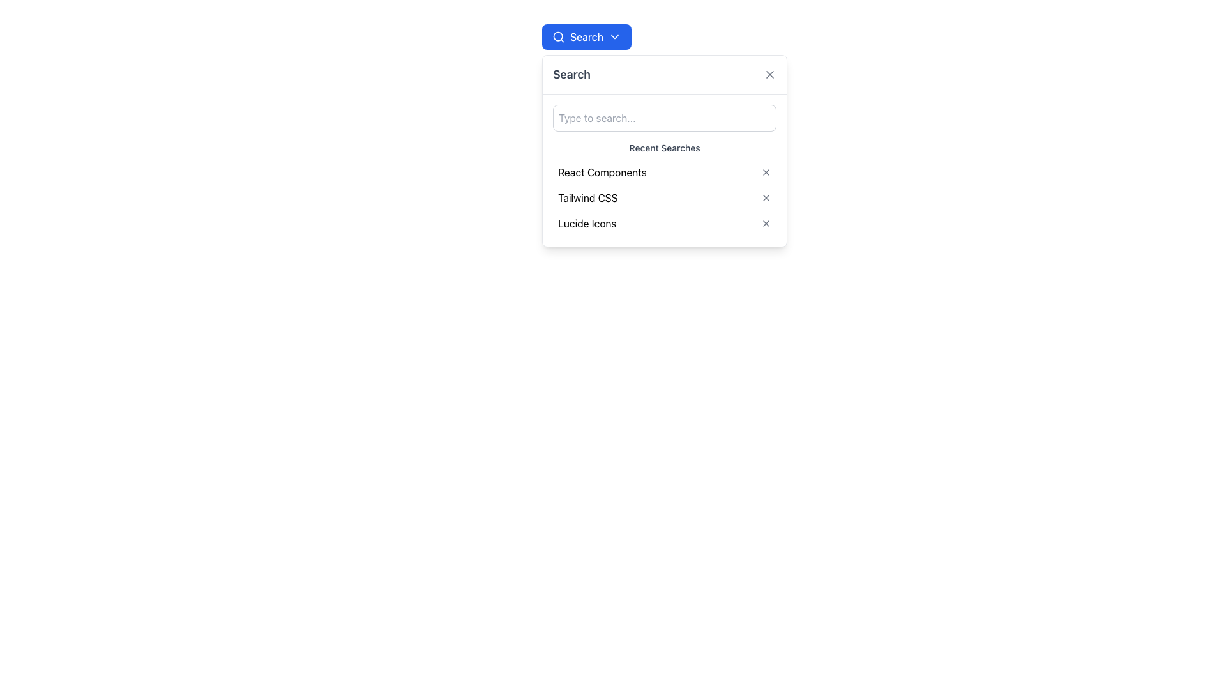 The image size is (1226, 690). I want to click on the second item in the 'Recent Searches' list, which is a clickable text label that provides access to a previously searched term or category, so click(587, 197).